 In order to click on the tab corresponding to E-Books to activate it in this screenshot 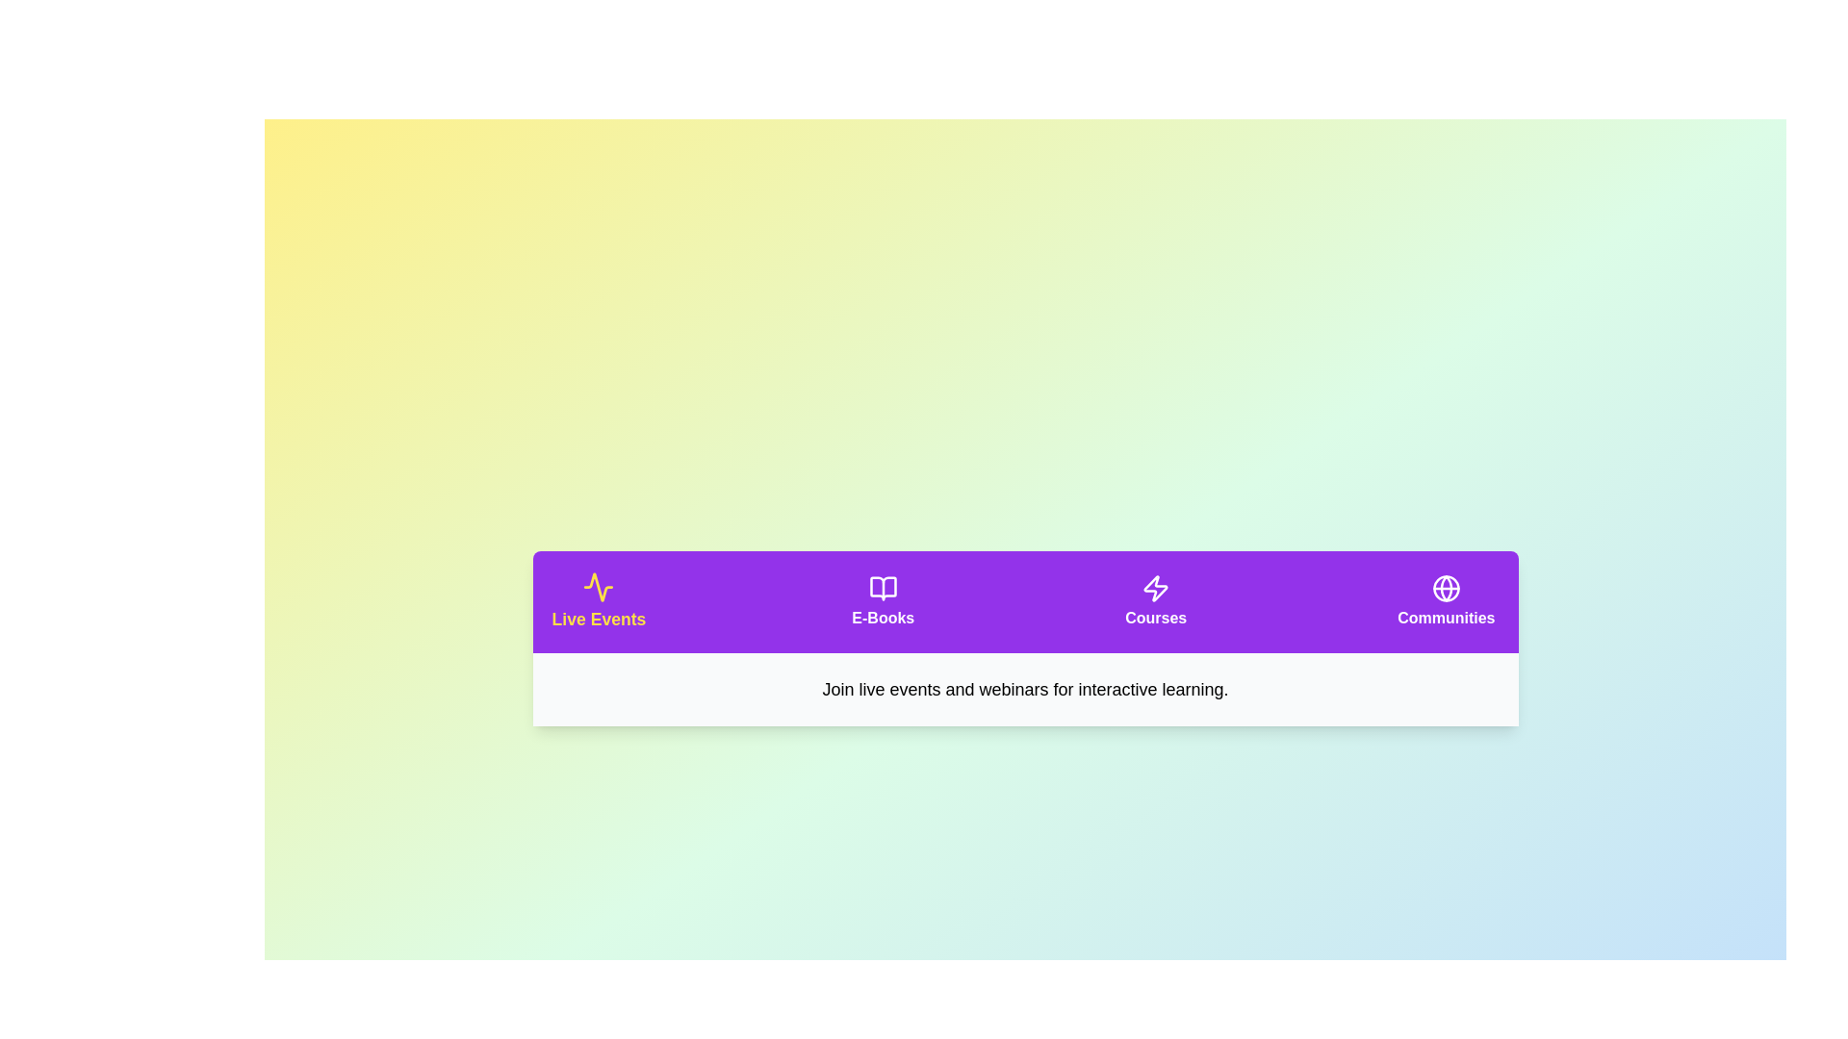, I will do `click(882, 600)`.